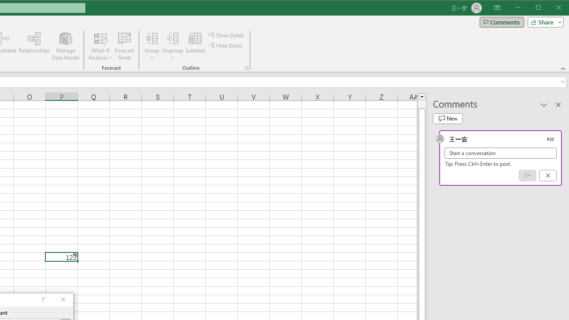  Describe the element at coordinates (448, 118) in the screenshot. I see `'New comment'` at that location.